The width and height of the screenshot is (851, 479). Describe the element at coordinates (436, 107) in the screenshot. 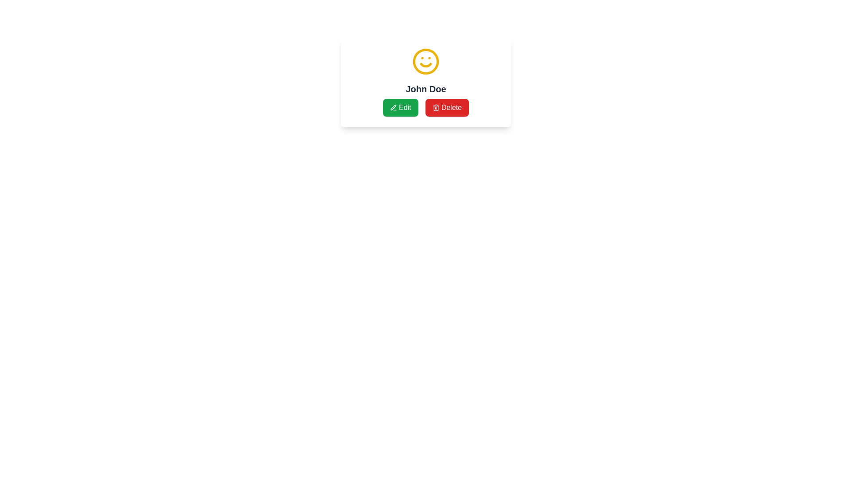

I see `the trash bin icon, which has a minimalist design with a red background and white outlines, located to the right of the 'Delete' button below 'John Doe'` at that location.